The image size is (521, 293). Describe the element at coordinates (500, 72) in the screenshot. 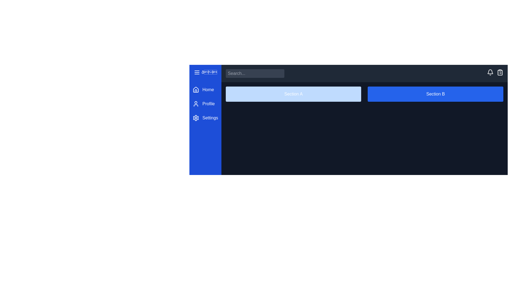

I see `the clipboard icon located in the top-right corner of the interface, which features a simplistic design with a rectangular shape and a clip at the top` at that location.